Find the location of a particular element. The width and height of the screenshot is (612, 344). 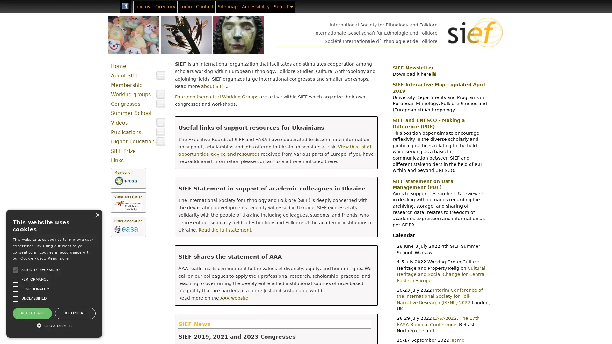

DECLINE ALL is located at coordinates (75, 313).